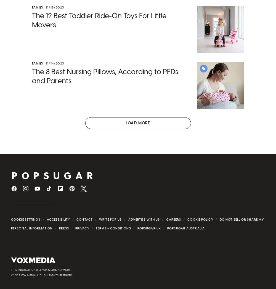 The width and height of the screenshot is (276, 289). I want to click on '11/14/2023', so click(55, 63).